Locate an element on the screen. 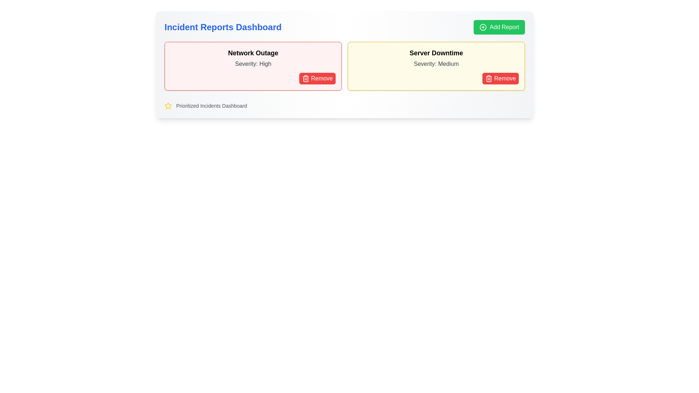  the star-shaped icon with a yellow outline, which indicates a rating or priority marker, located before the text 'Prioritized Incidents Dashboard' is located at coordinates (167, 106).